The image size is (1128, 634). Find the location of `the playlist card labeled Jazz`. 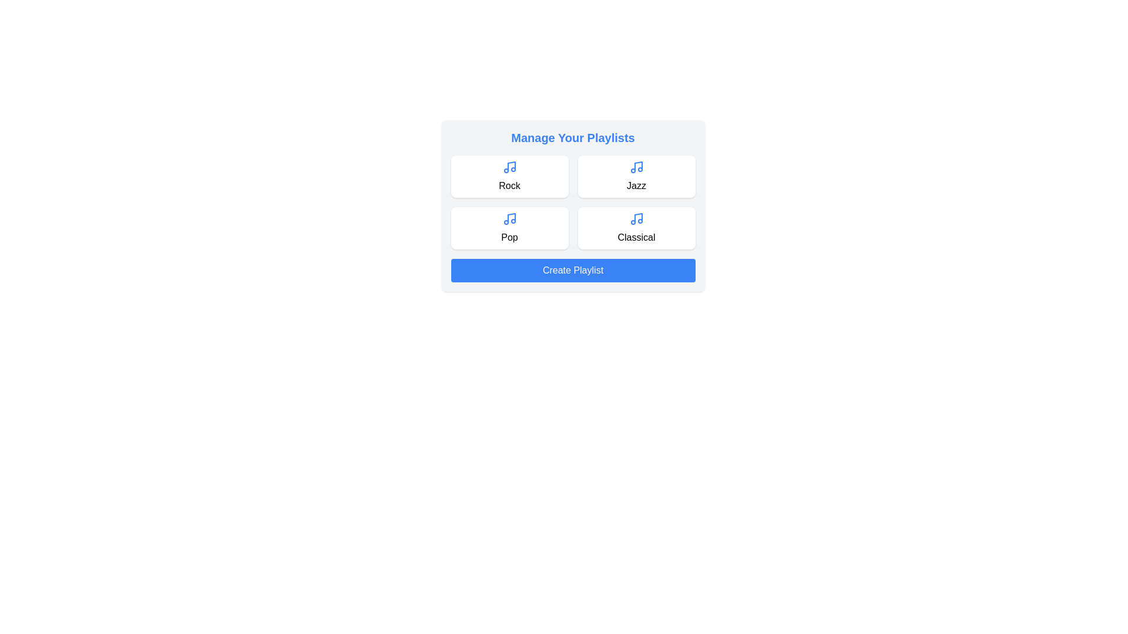

the playlist card labeled Jazz is located at coordinates (636, 176).